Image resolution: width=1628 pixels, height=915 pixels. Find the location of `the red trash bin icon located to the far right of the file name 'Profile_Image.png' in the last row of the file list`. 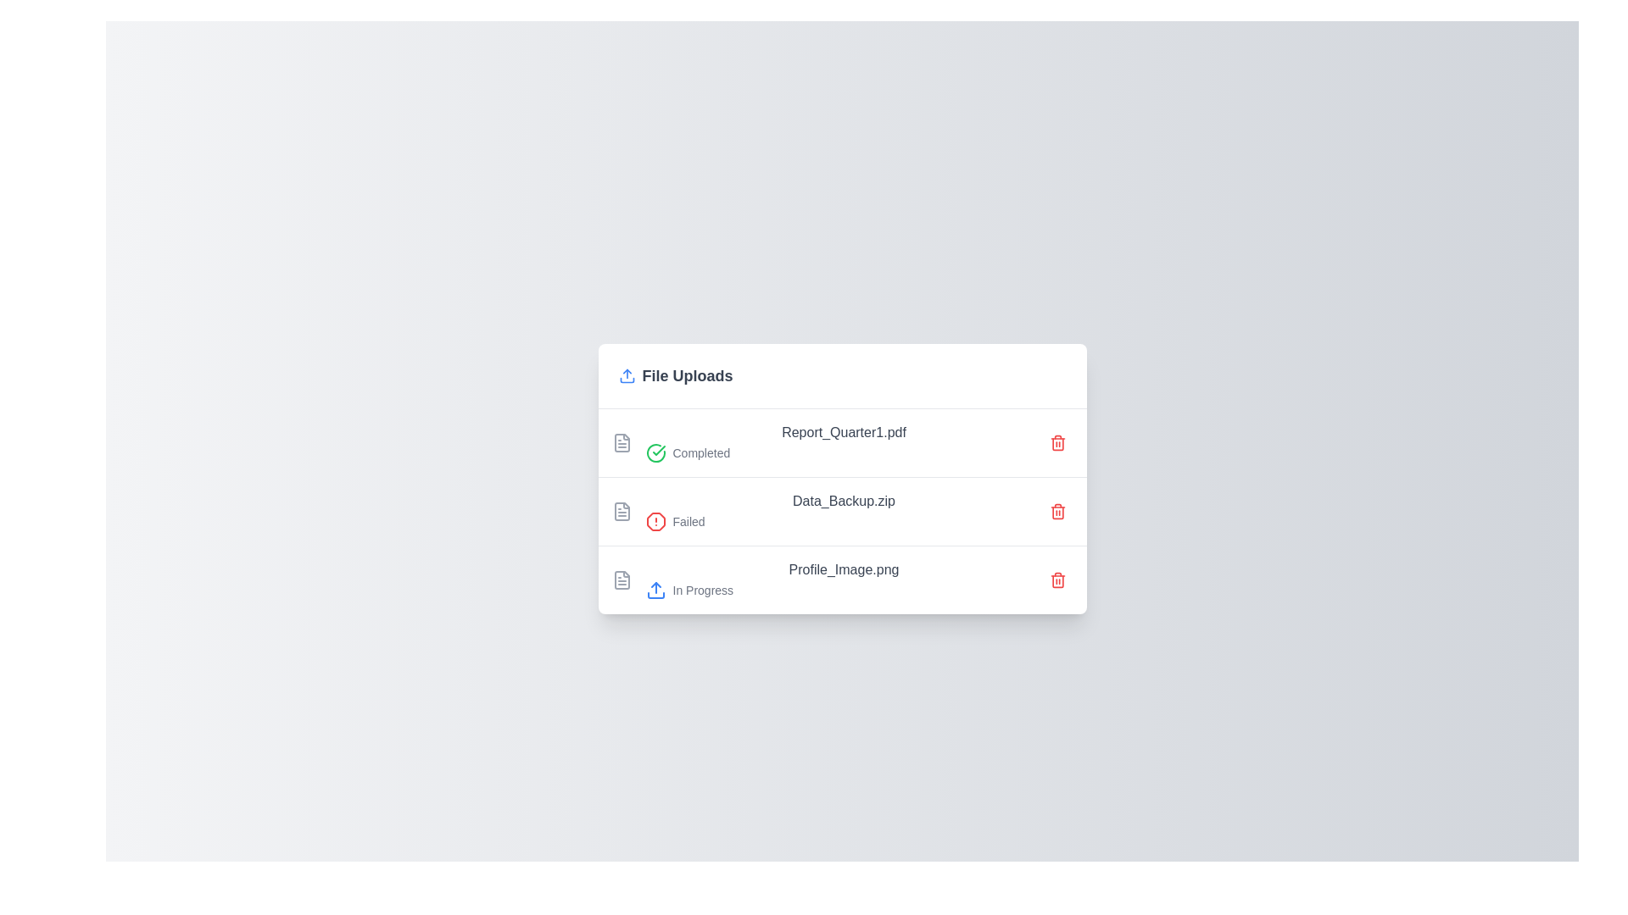

the red trash bin icon located to the far right of the file name 'Profile_Image.png' in the last row of the file list is located at coordinates (1057, 579).